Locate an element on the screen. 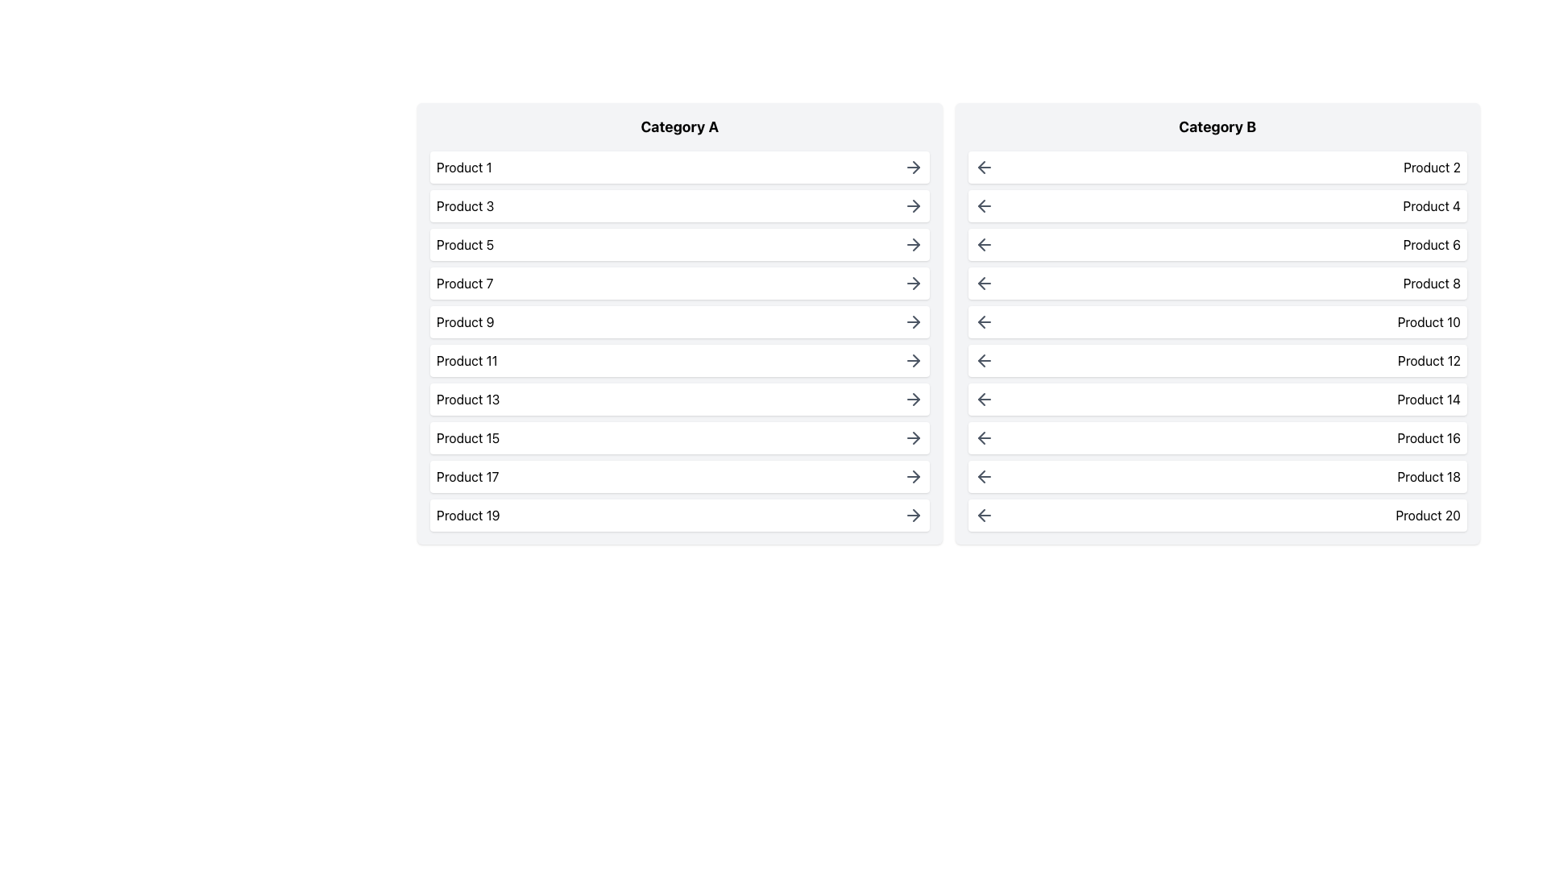 This screenshot has width=1547, height=870. the rightward-pointing arrow icon in the product list UI is located at coordinates (913, 205).